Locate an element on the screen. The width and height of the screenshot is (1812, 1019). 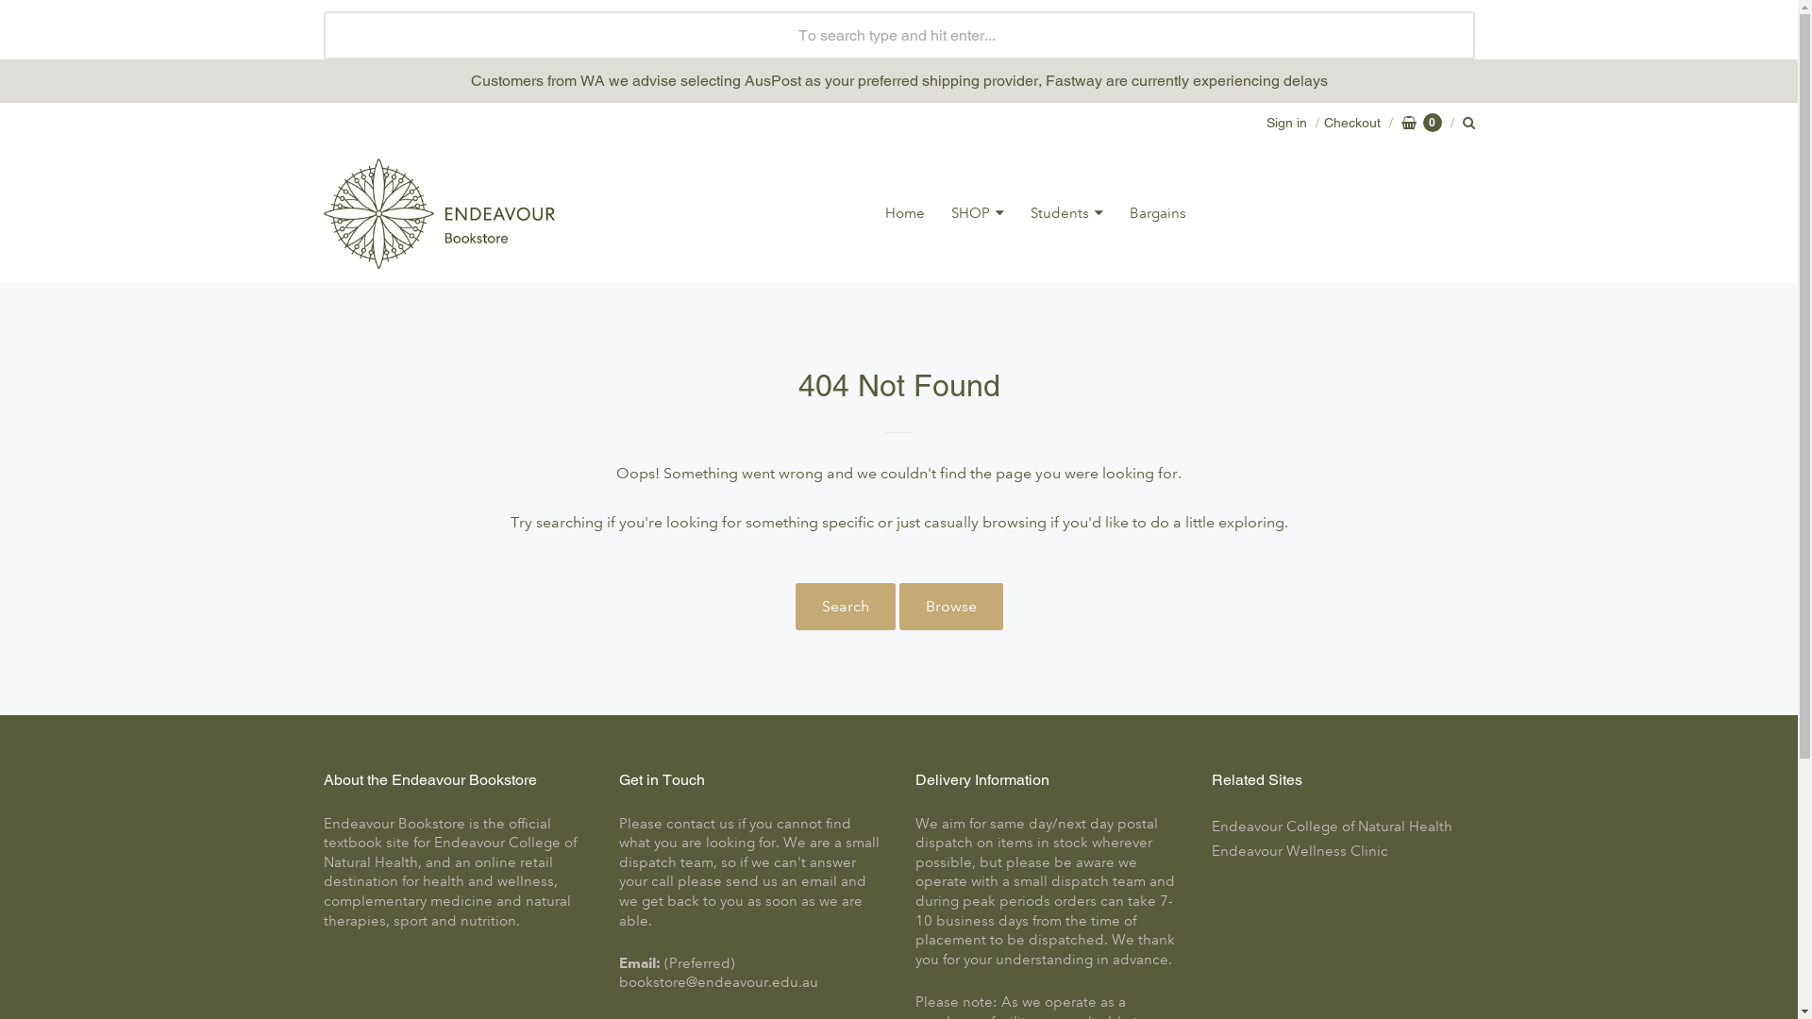
'Browse' is located at coordinates (950, 607).